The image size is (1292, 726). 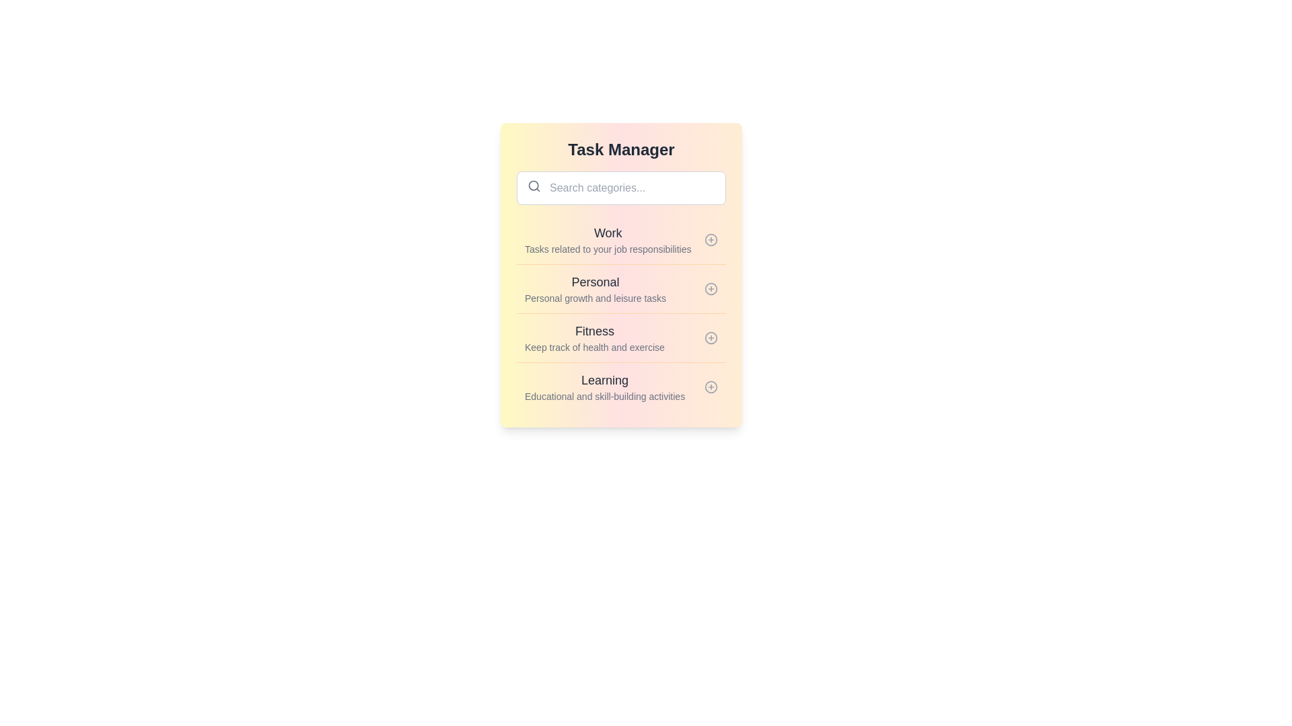 What do you see at coordinates (604, 387) in the screenshot?
I see `the 'Learning' text label with a descriptive subtitle` at bounding box center [604, 387].